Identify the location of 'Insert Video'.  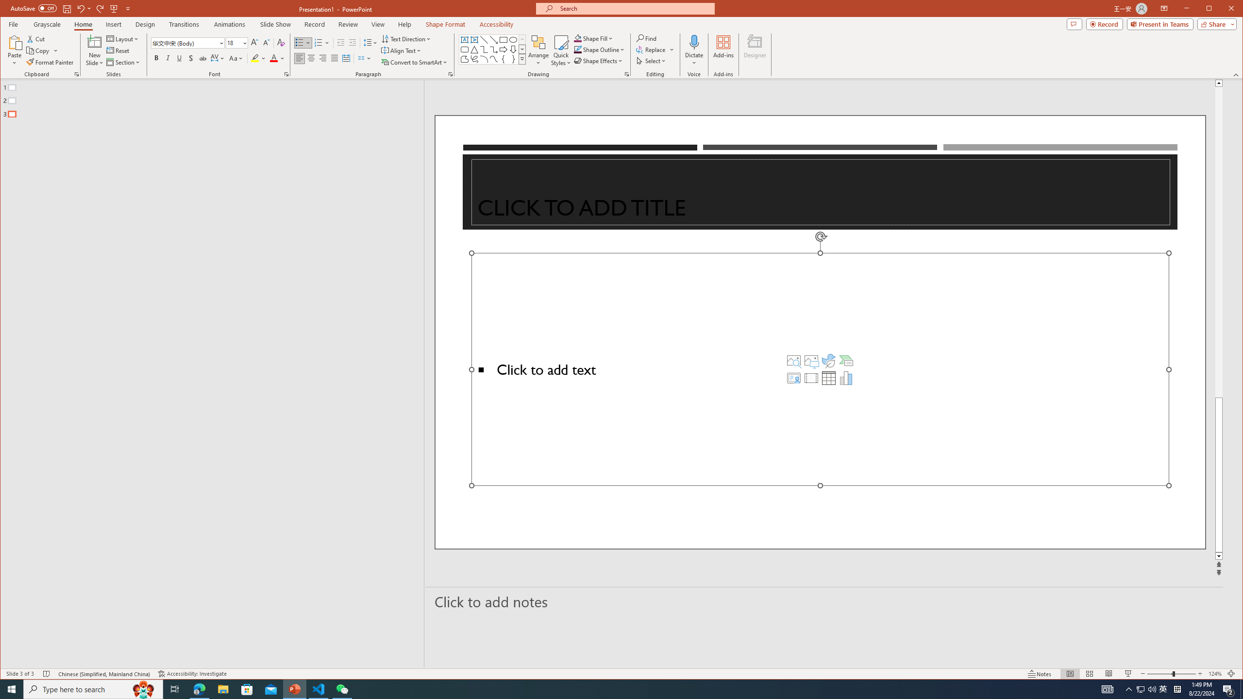
(811, 378).